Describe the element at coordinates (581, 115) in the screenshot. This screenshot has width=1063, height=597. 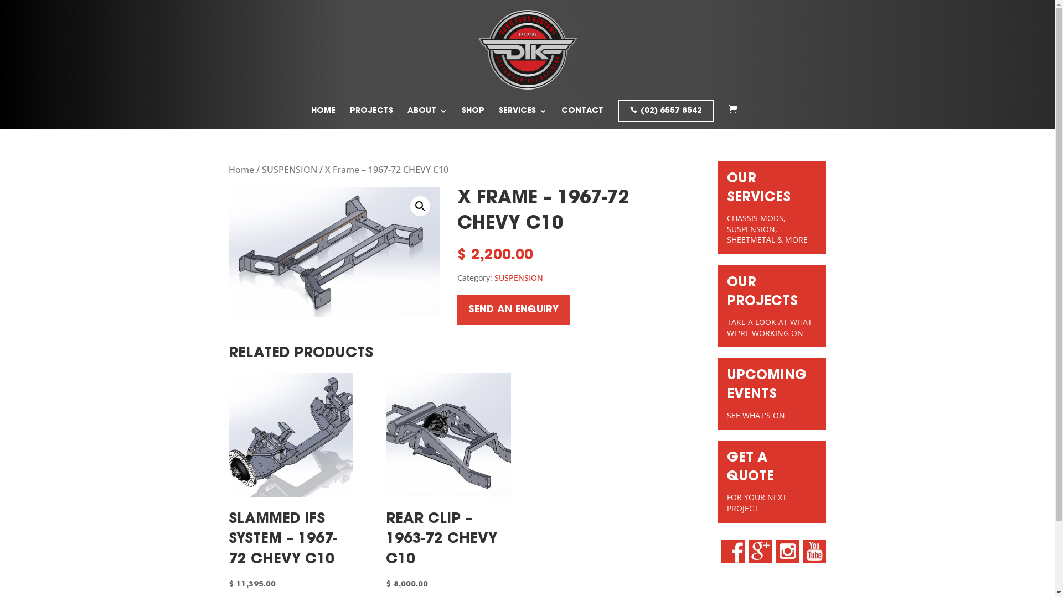
I see `'CONTACT'` at that location.